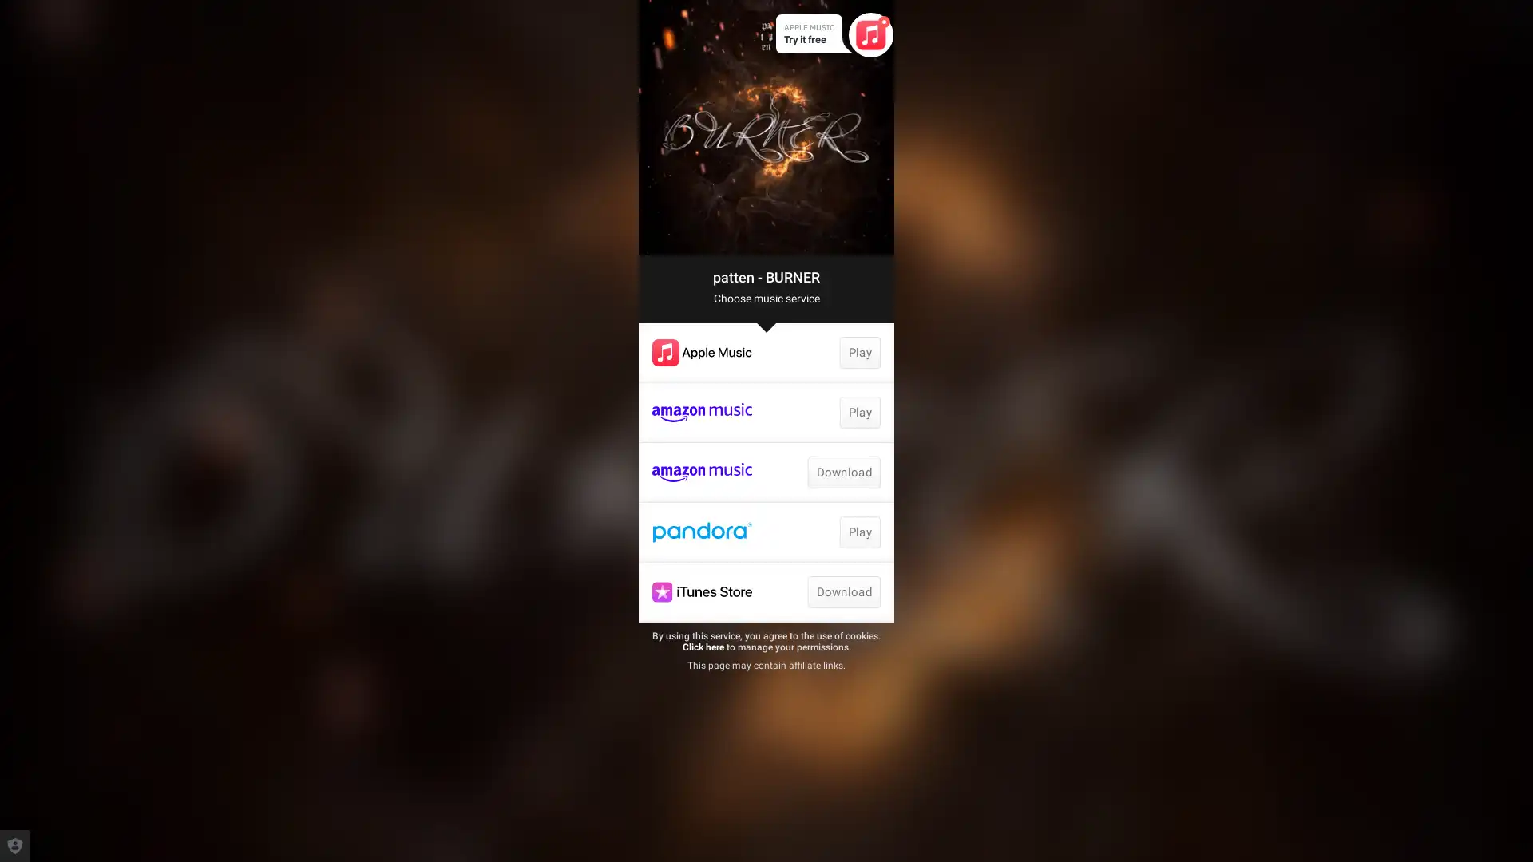 This screenshot has height=862, width=1533. Describe the element at coordinates (702, 646) in the screenshot. I see `Click here` at that location.